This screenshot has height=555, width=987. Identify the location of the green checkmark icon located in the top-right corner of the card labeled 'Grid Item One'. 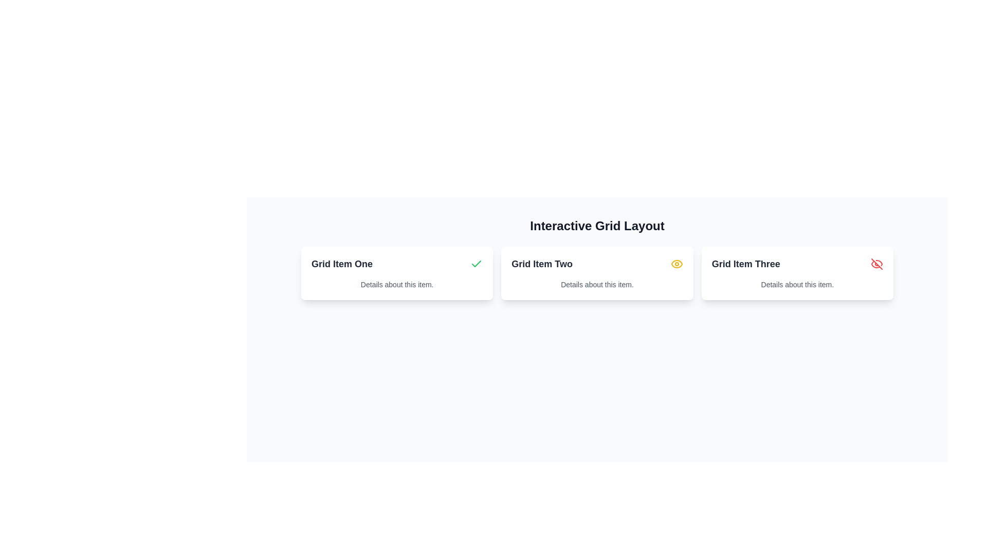
(476, 263).